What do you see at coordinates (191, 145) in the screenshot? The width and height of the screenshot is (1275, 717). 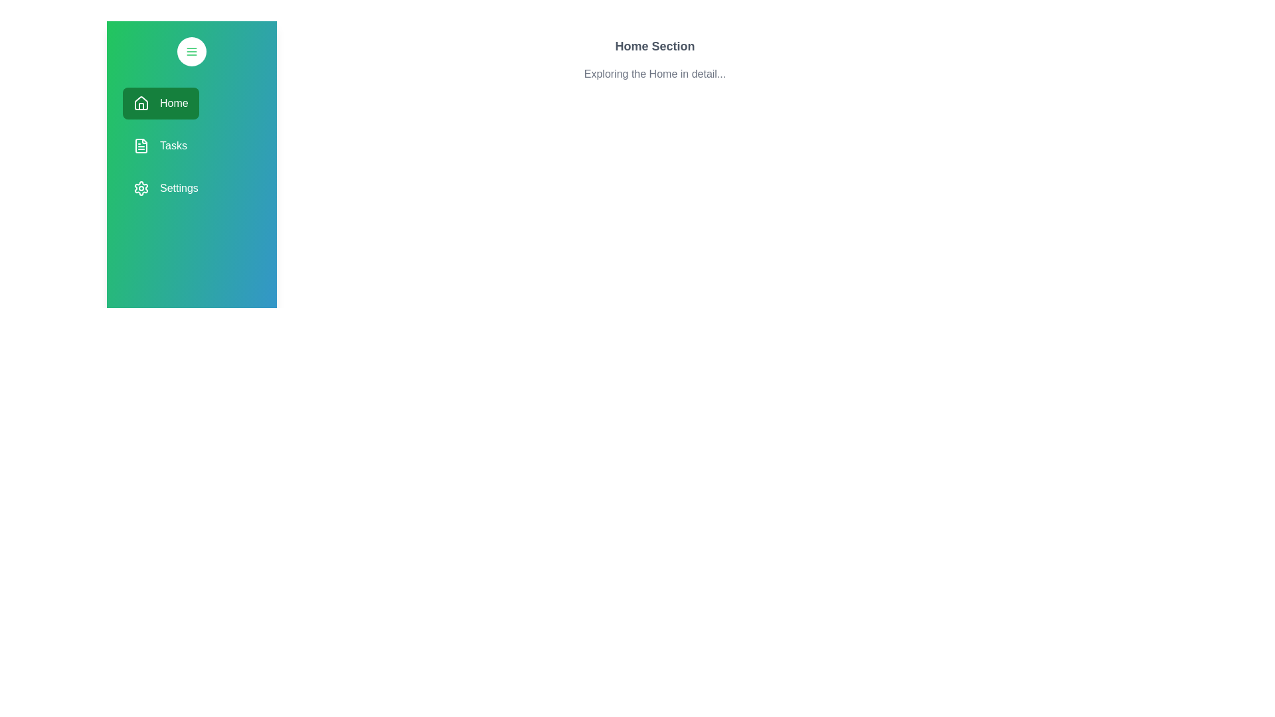 I see `the 'Tasks' menu item located in the sidebar, which is the second item in the list` at bounding box center [191, 145].